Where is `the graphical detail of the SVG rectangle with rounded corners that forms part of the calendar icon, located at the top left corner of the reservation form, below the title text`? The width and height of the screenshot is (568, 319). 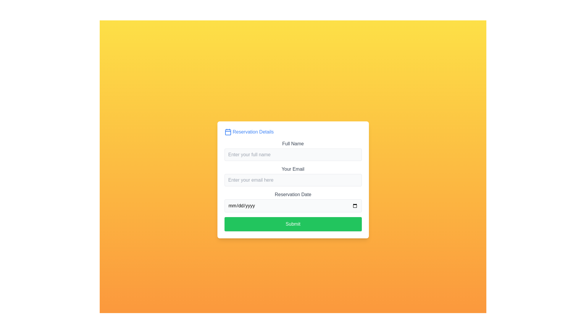
the graphical detail of the SVG rectangle with rounded corners that forms part of the calendar icon, located at the top left corner of the reservation form, below the title text is located at coordinates (227, 132).